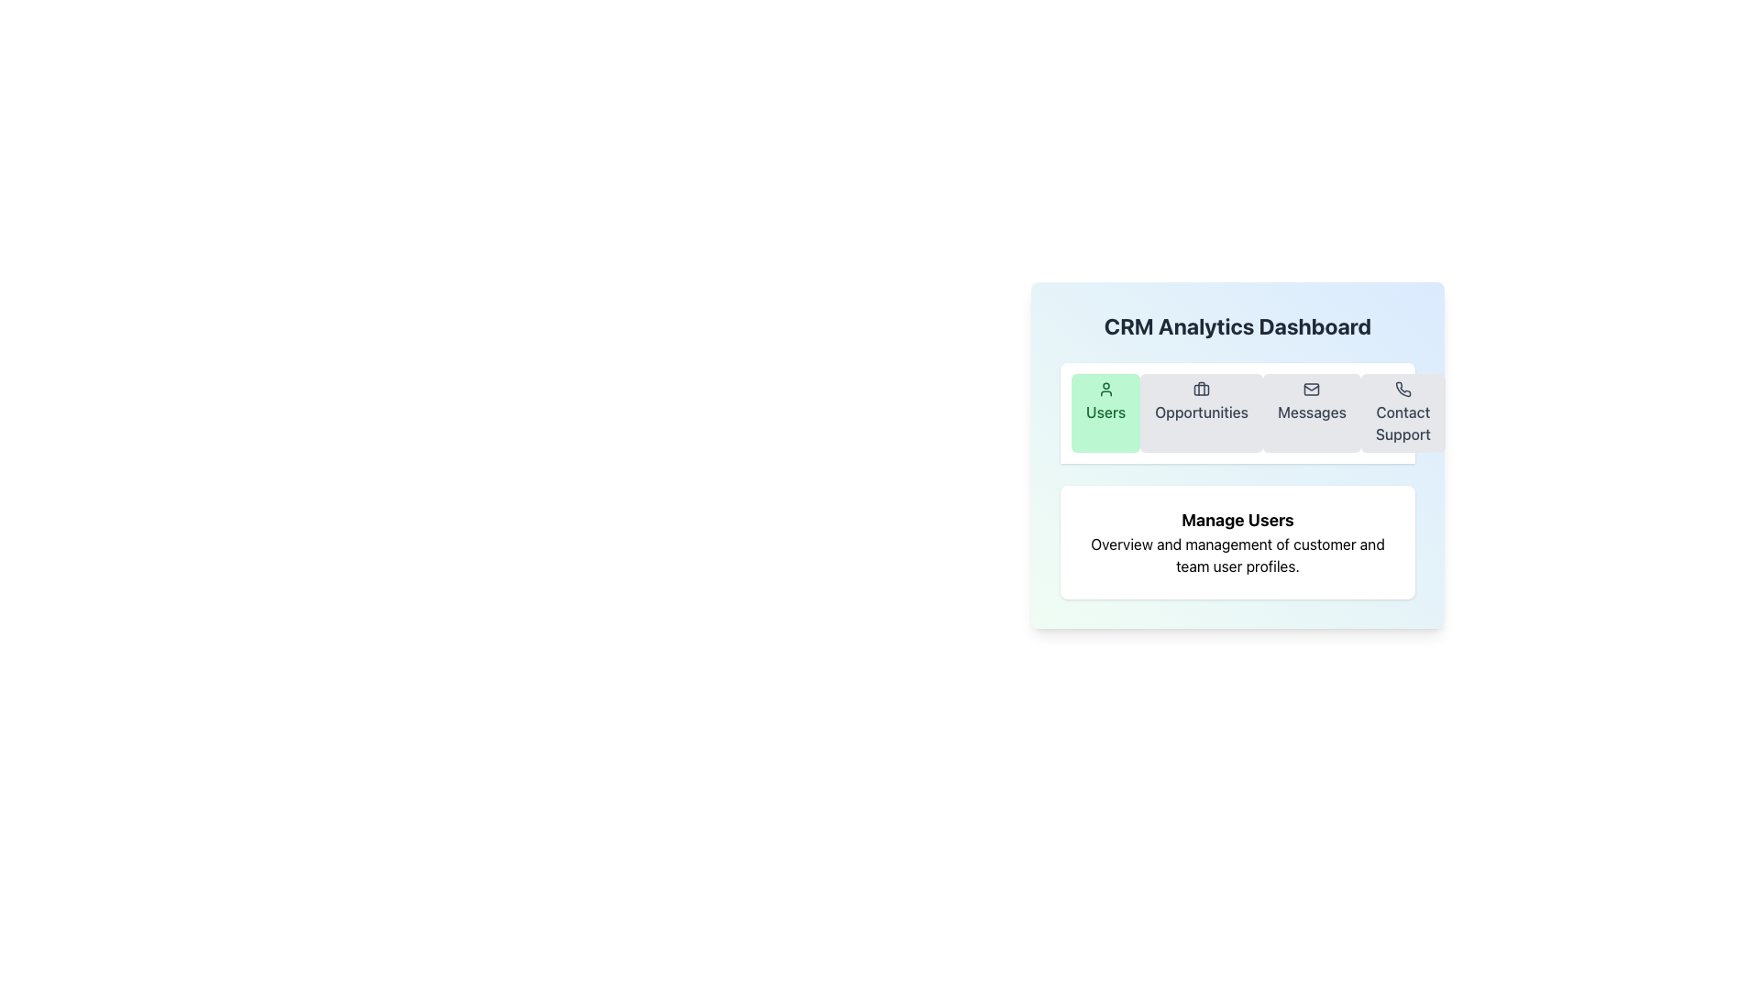 This screenshot has height=990, width=1760. What do you see at coordinates (1201, 388) in the screenshot?
I see `the representation of the handle of the briefcase icon located in the navigation bar` at bounding box center [1201, 388].